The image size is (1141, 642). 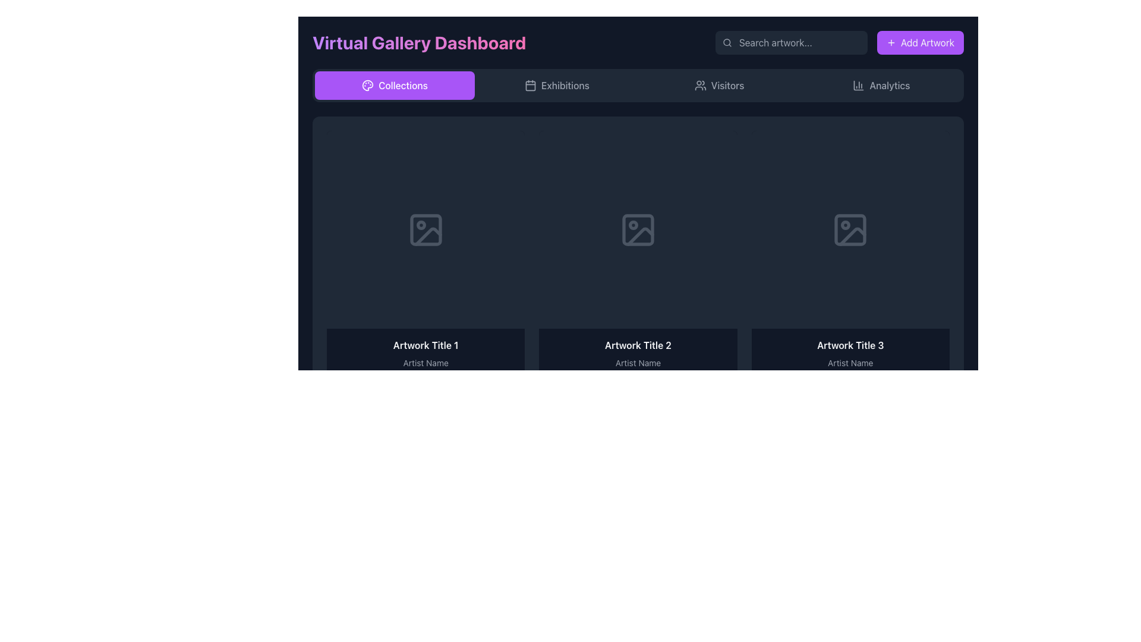 I want to click on the text label displaying 'Artwork Title 1', which is the first title in a structured layout with a dark background, so click(x=425, y=345).